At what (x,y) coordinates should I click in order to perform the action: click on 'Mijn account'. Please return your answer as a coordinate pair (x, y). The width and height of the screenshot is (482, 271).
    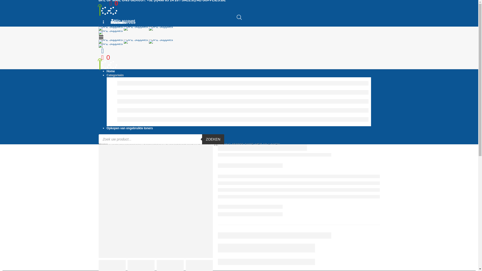
    Looking at the image, I should click on (102, 3).